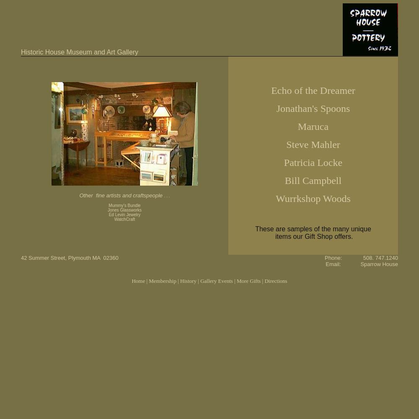 The width and height of the screenshot is (419, 419). Describe the element at coordinates (70, 257) in the screenshot. I see `'42 Summer Street, Plymouth MA  
    02360'` at that location.